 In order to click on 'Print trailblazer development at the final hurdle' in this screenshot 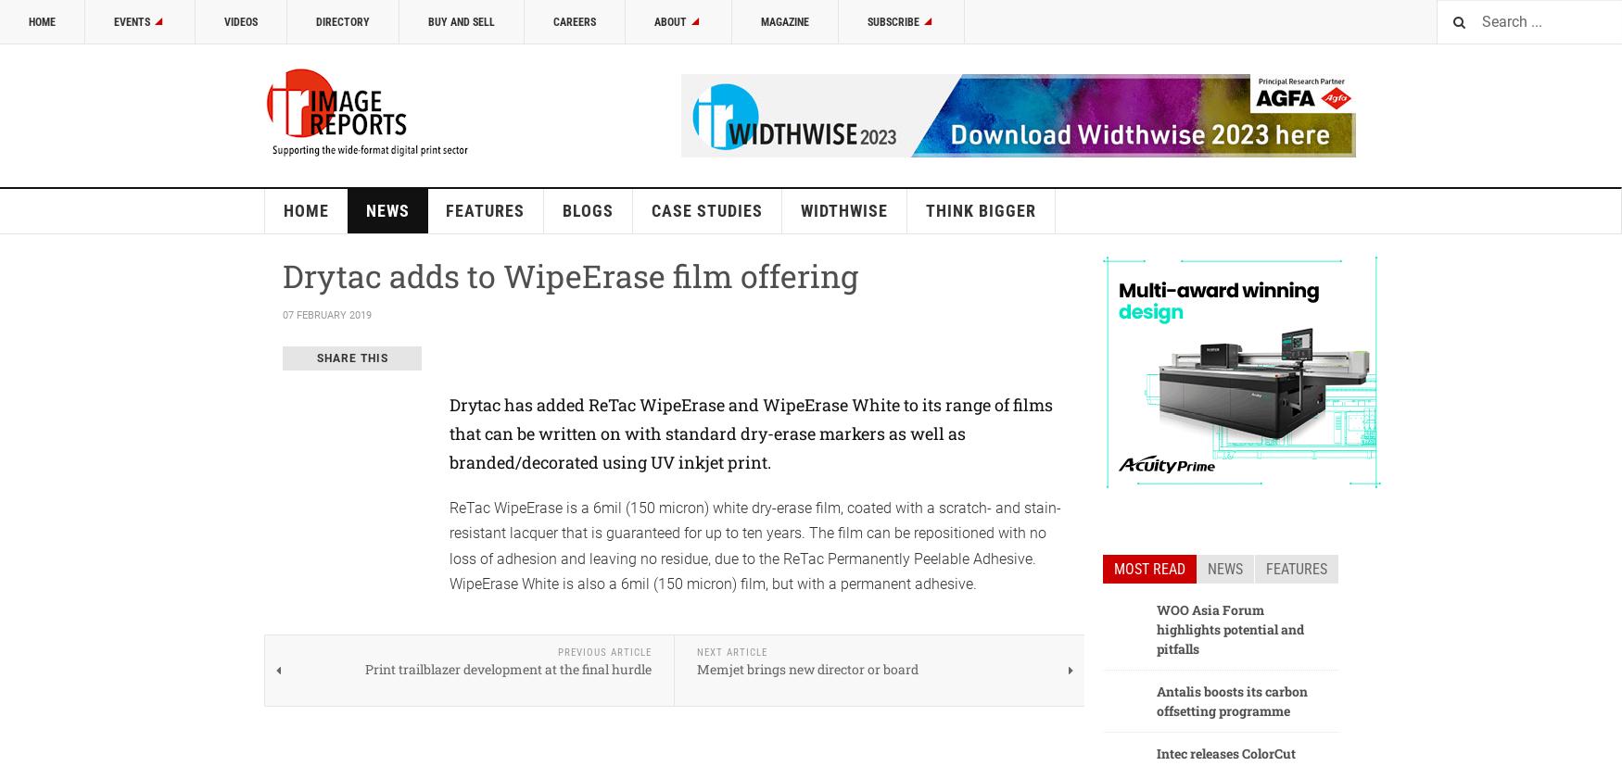, I will do `click(507, 668)`.